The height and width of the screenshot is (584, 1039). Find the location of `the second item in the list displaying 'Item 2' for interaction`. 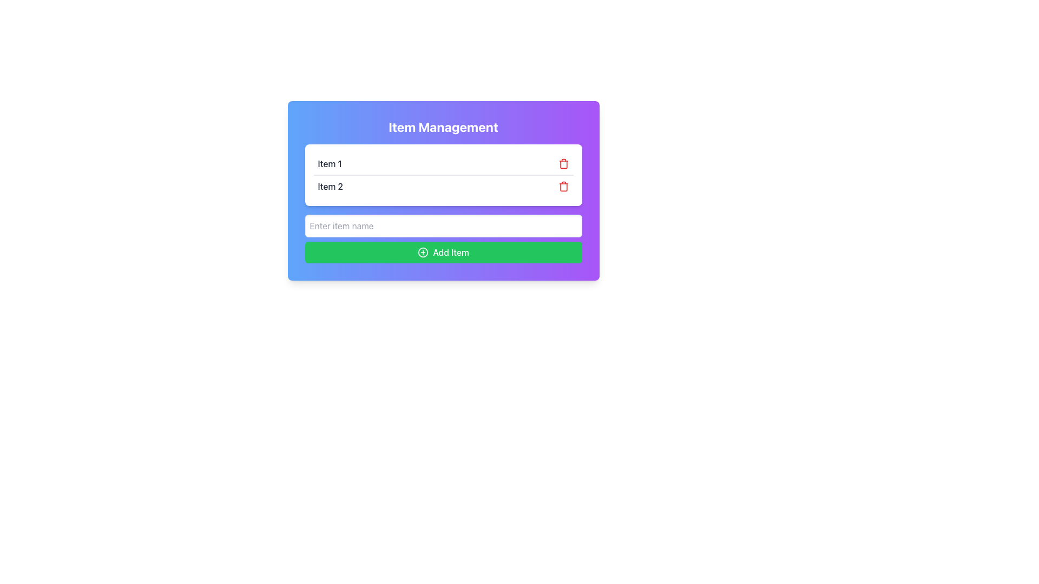

the second item in the list displaying 'Item 2' for interaction is located at coordinates (443, 185).